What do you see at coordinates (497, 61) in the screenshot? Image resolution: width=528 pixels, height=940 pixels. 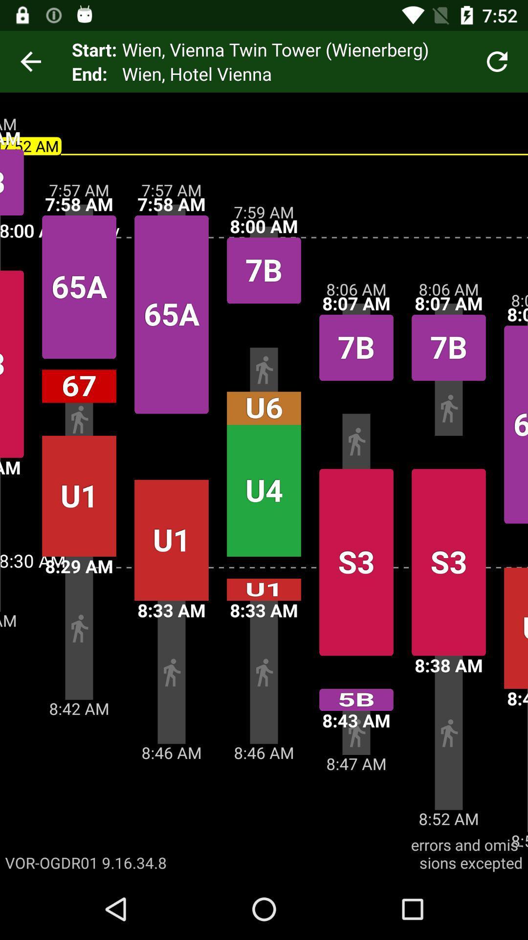 I see `the icon next to wien vienna twin icon` at bounding box center [497, 61].